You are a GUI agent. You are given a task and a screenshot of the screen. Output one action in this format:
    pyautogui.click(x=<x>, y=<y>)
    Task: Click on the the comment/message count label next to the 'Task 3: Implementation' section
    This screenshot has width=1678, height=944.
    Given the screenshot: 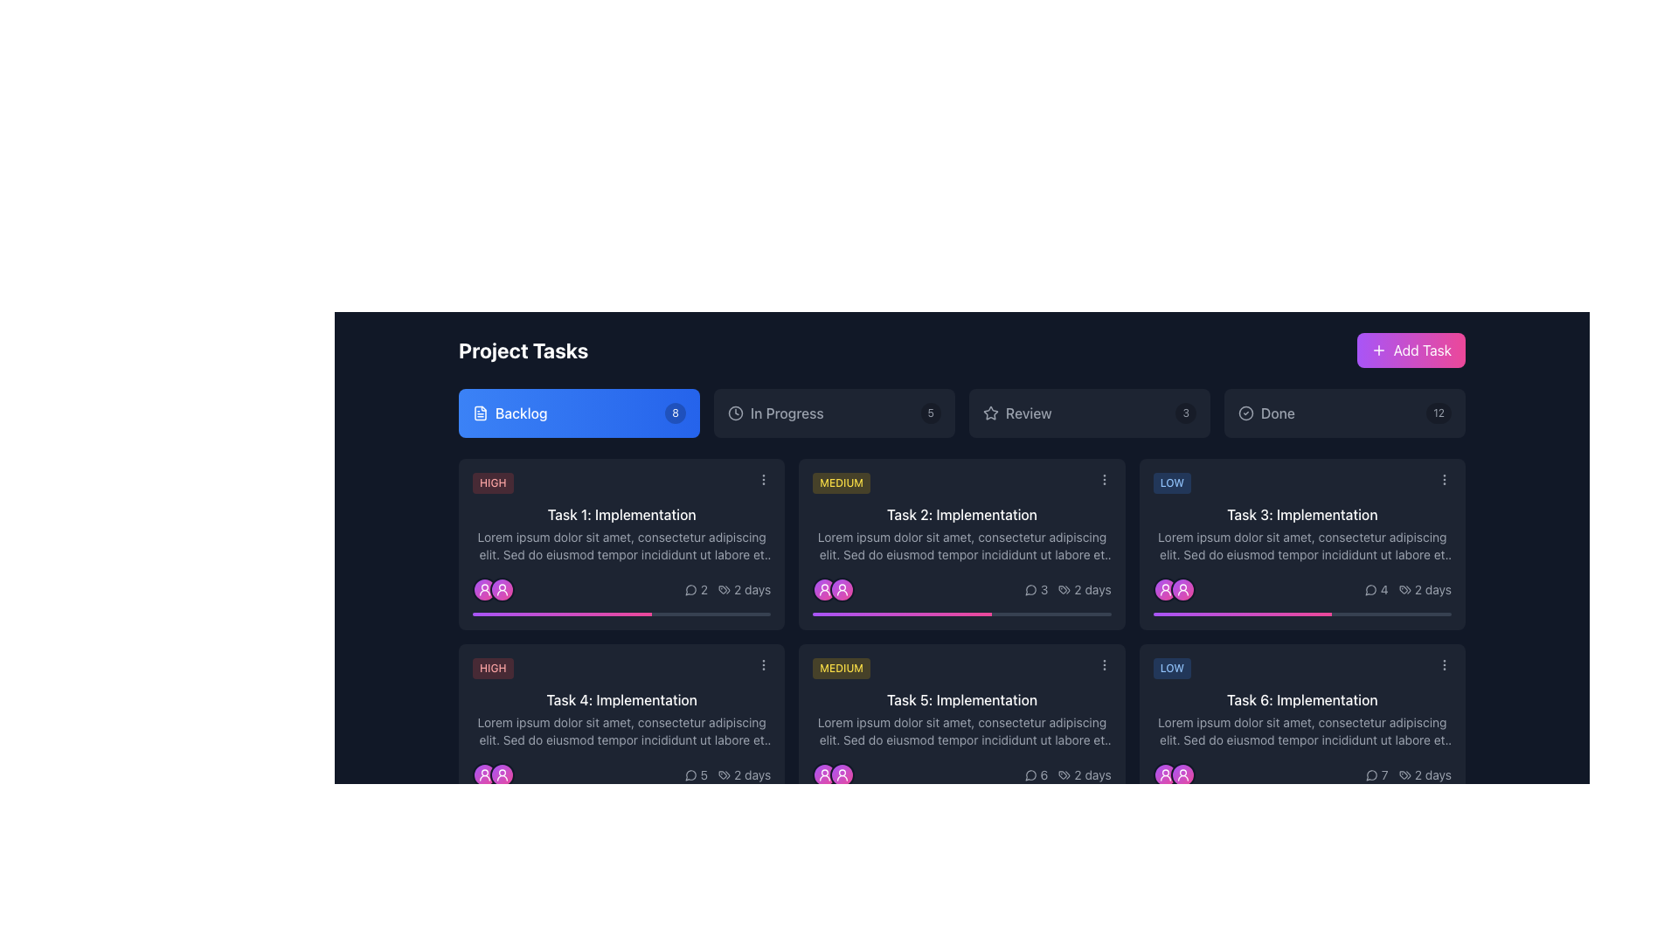 What is the action you would take?
    pyautogui.click(x=1376, y=590)
    